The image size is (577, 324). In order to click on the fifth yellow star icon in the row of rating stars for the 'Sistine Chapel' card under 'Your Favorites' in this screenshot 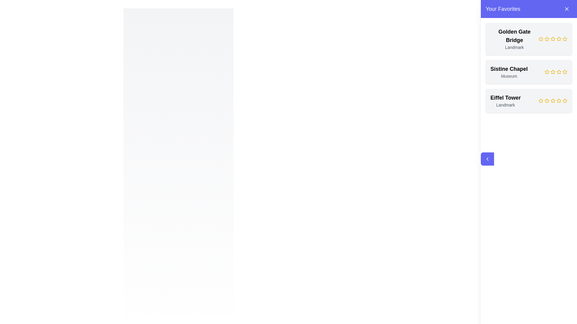, I will do `click(559, 71)`.